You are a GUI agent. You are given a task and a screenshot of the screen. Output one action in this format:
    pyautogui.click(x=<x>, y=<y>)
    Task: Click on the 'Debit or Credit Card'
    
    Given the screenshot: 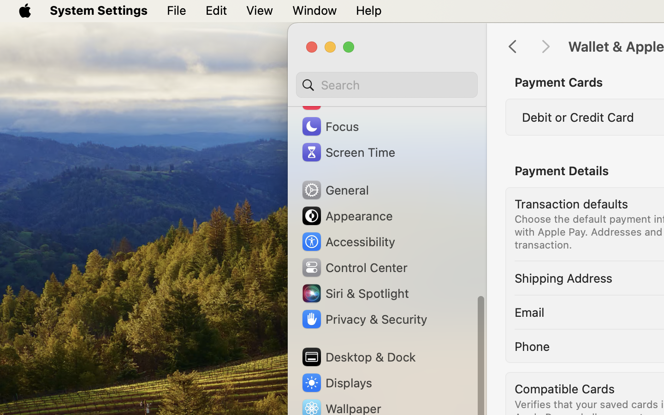 What is the action you would take?
    pyautogui.click(x=577, y=116)
    